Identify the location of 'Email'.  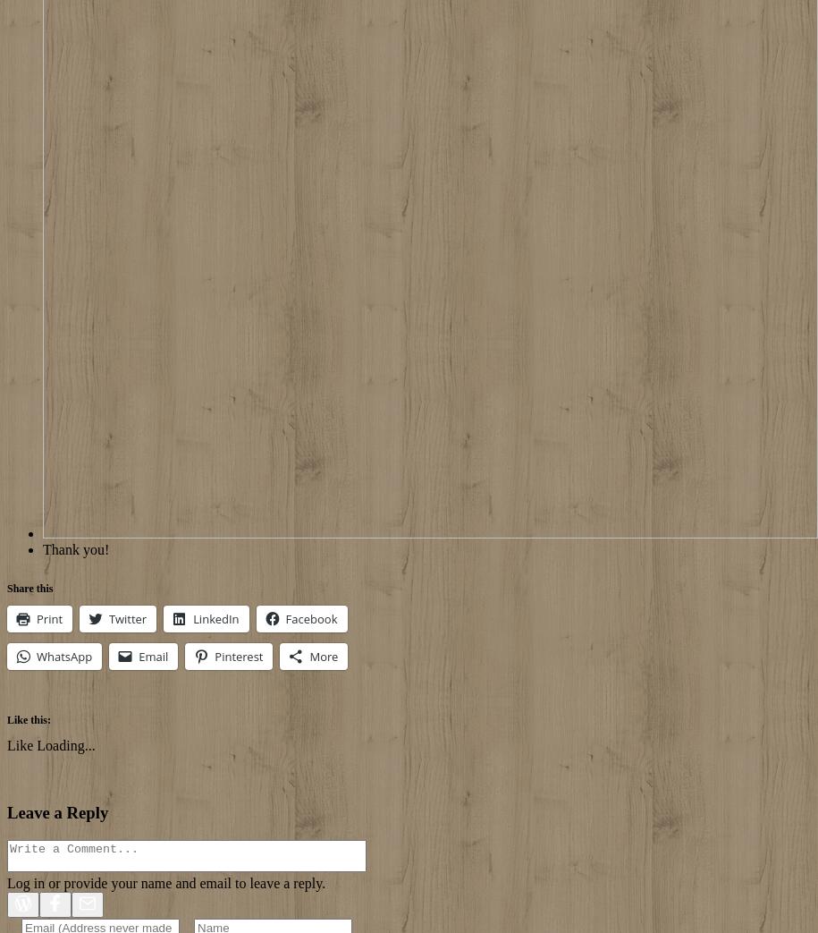
(138, 656).